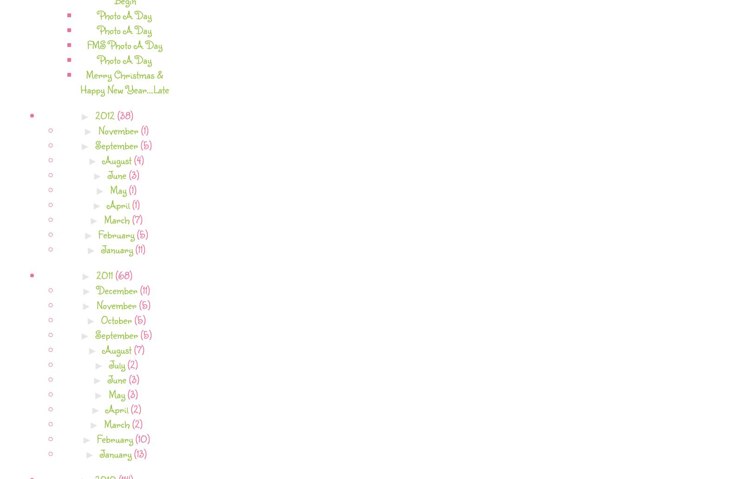 Image resolution: width=747 pixels, height=479 pixels. I want to click on 'July', so click(118, 363).